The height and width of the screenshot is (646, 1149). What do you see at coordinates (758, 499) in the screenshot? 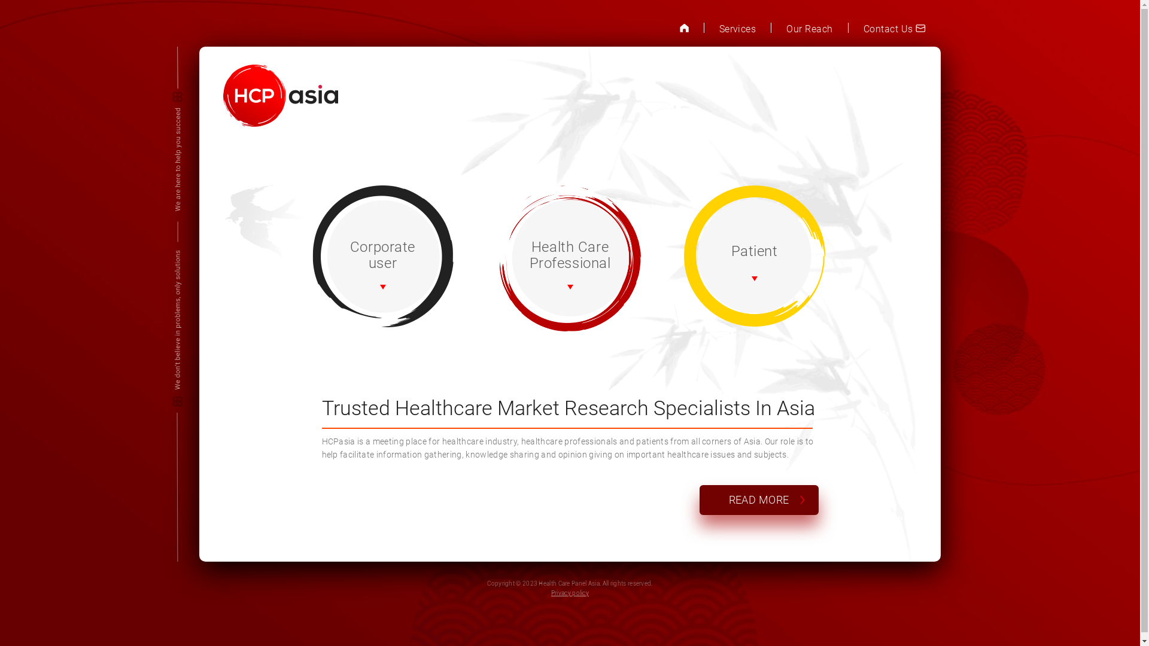
I see `'READ MORE'` at bounding box center [758, 499].